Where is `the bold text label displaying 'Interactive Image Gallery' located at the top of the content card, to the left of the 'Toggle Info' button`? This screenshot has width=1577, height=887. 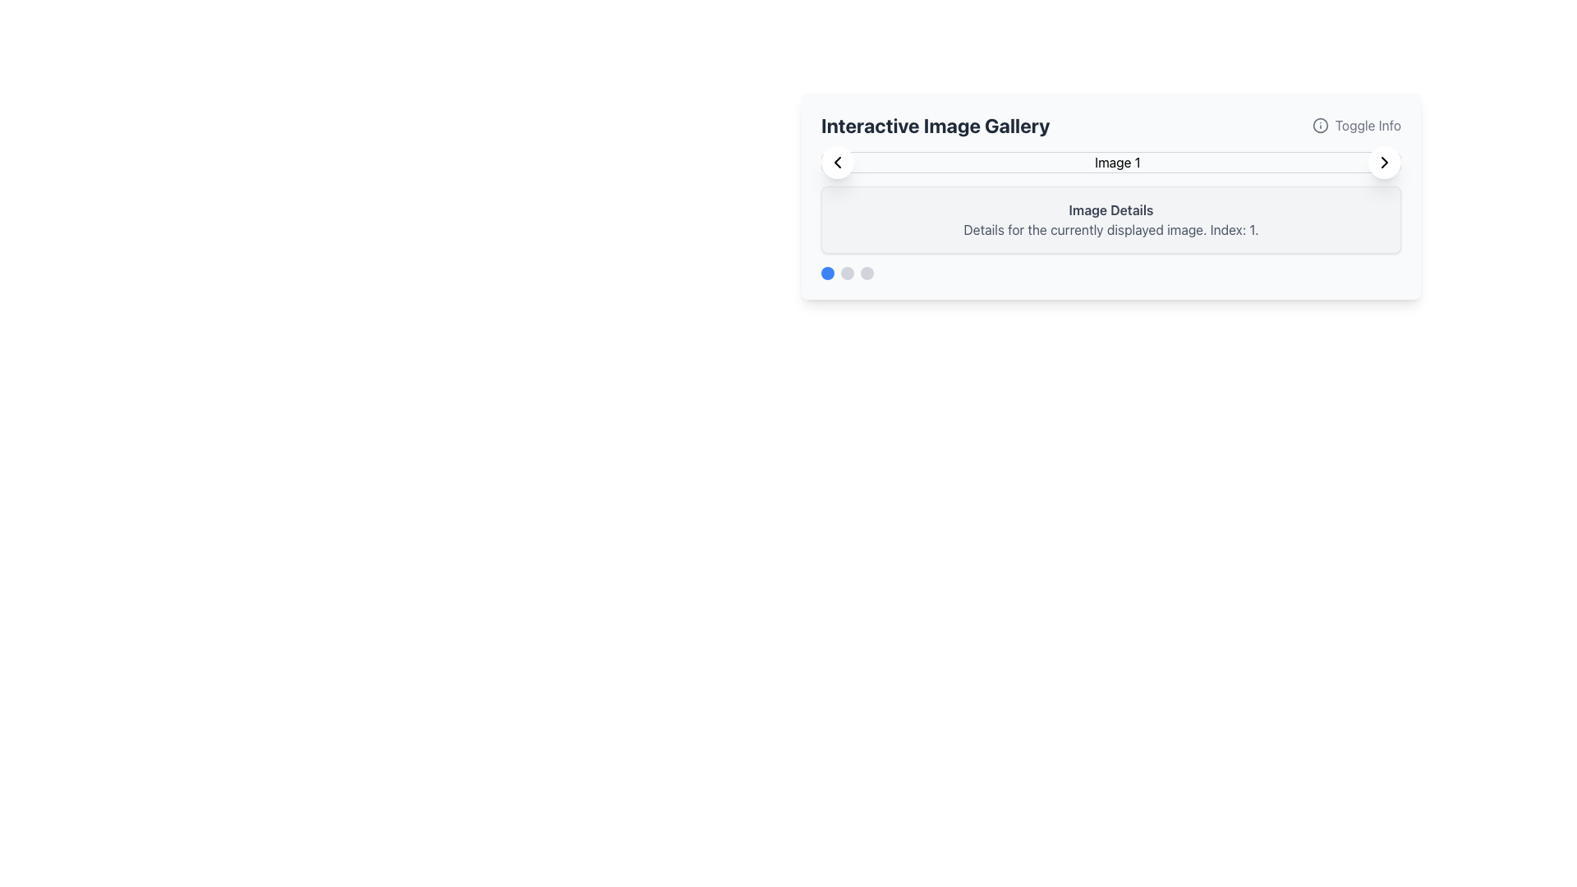
the bold text label displaying 'Interactive Image Gallery' located at the top of the content card, to the left of the 'Toggle Info' button is located at coordinates (936, 125).